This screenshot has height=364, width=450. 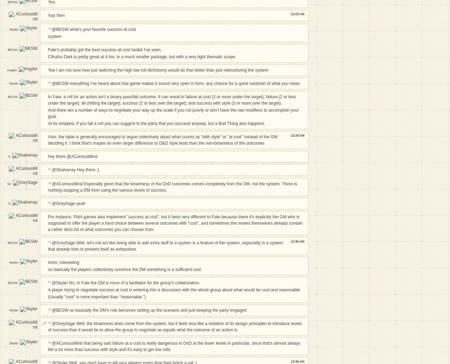 I want to click on 'between several outcomes with "cost", and sometimes the moves themselves already contain a rather strict list of what outcomes you can choose from.', so click(x=175, y=226).